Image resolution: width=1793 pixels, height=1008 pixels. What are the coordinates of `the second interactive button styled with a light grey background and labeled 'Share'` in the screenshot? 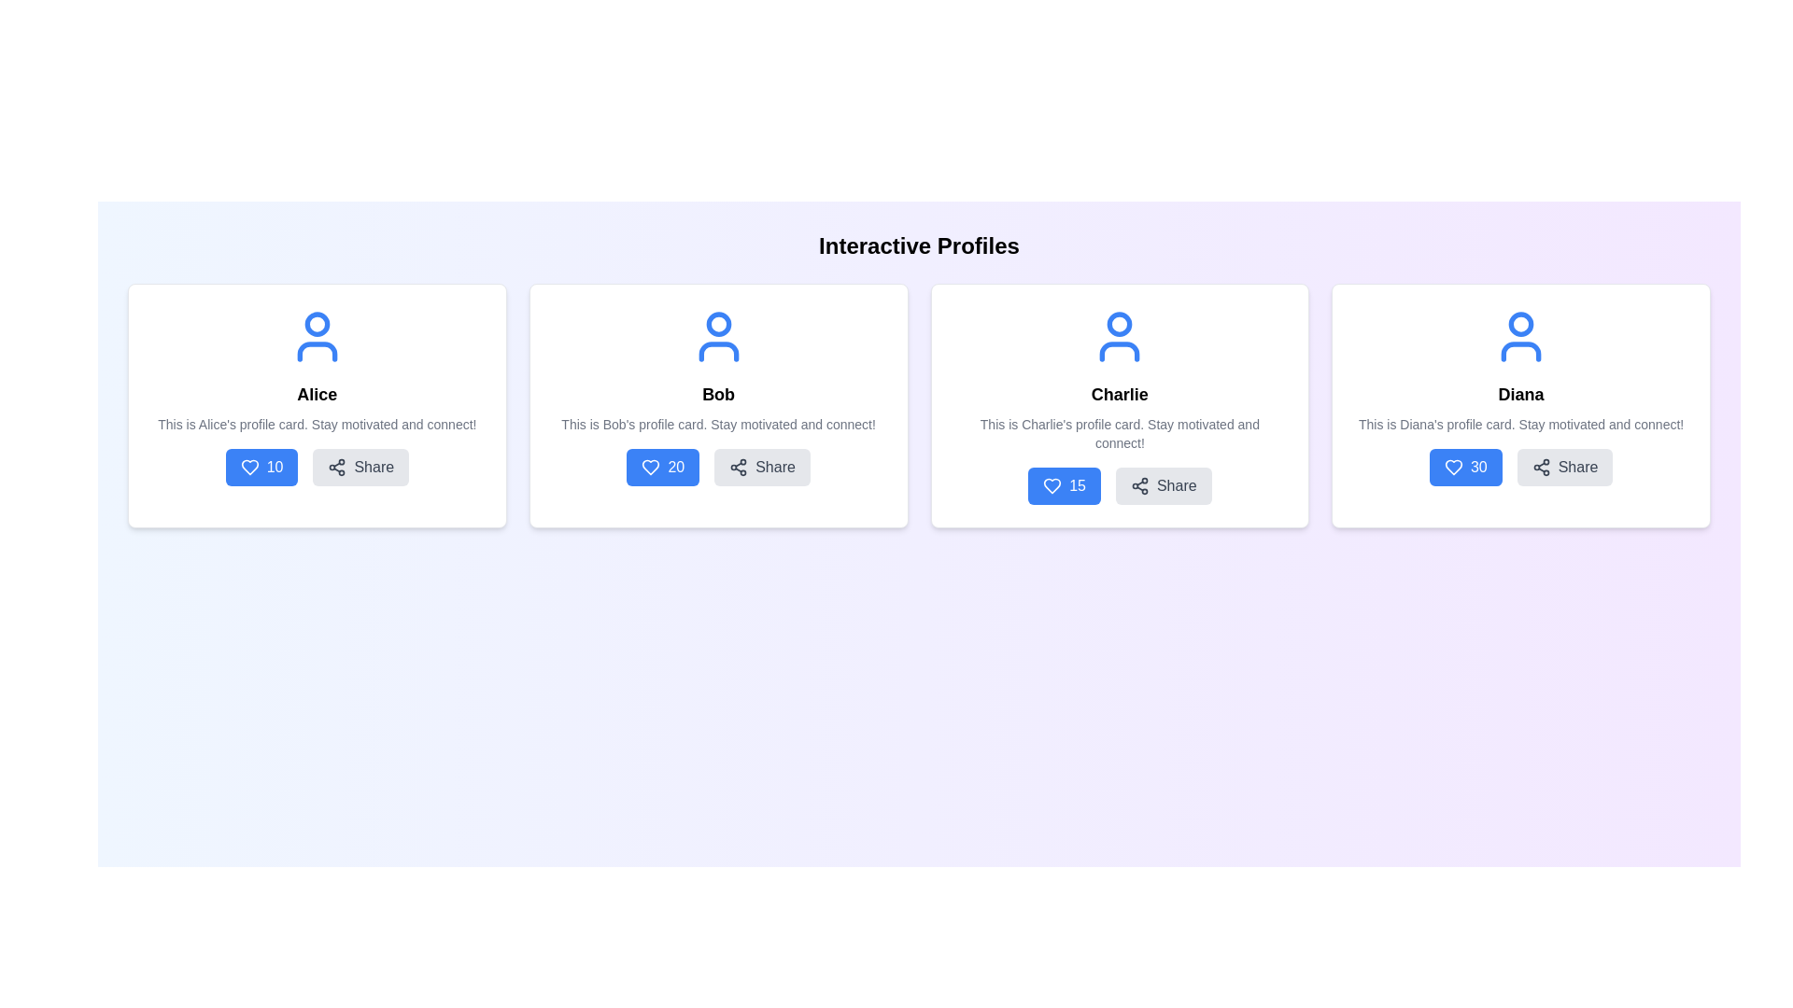 It's located at (762, 467).